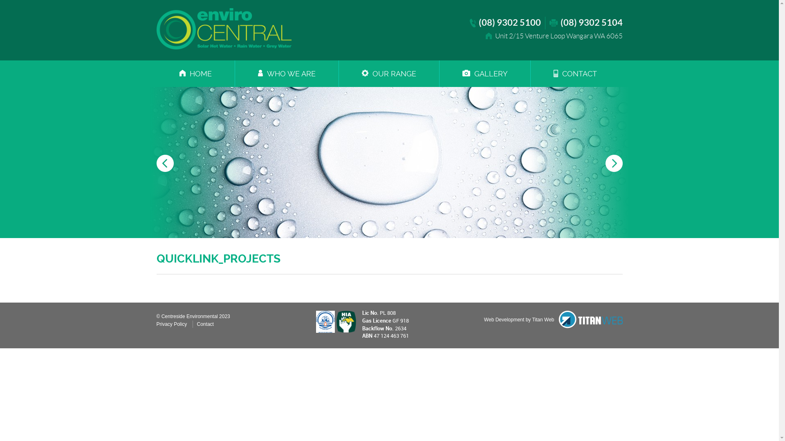 The height and width of the screenshot is (441, 785). What do you see at coordinates (156, 163) in the screenshot?
I see `'Previous'` at bounding box center [156, 163].